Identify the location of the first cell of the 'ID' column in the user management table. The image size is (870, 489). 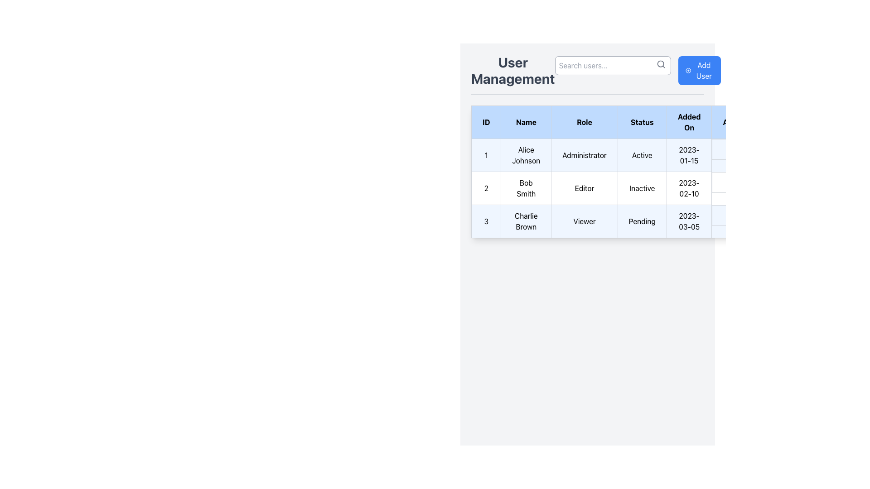
(486, 155).